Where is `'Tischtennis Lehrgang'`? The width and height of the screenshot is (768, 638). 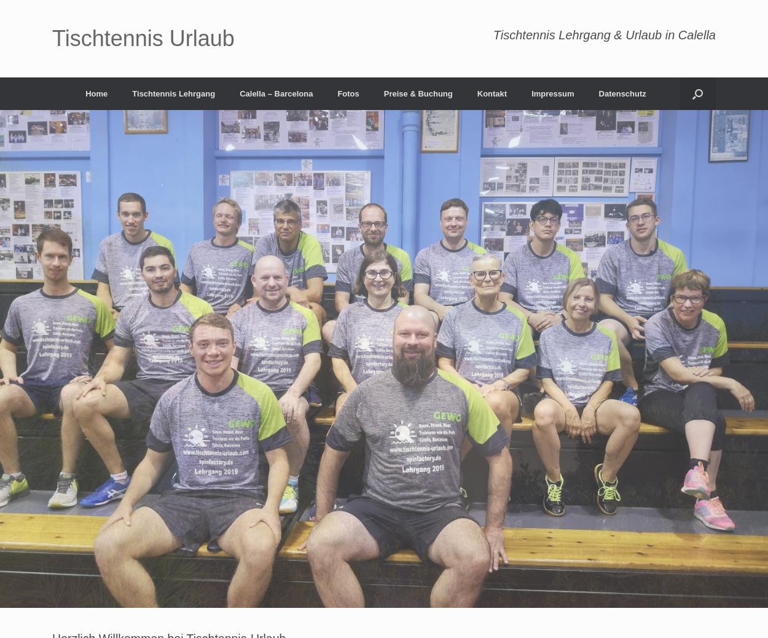
'Tischtennis Lehrgang' is located at coordinates (173, 93).